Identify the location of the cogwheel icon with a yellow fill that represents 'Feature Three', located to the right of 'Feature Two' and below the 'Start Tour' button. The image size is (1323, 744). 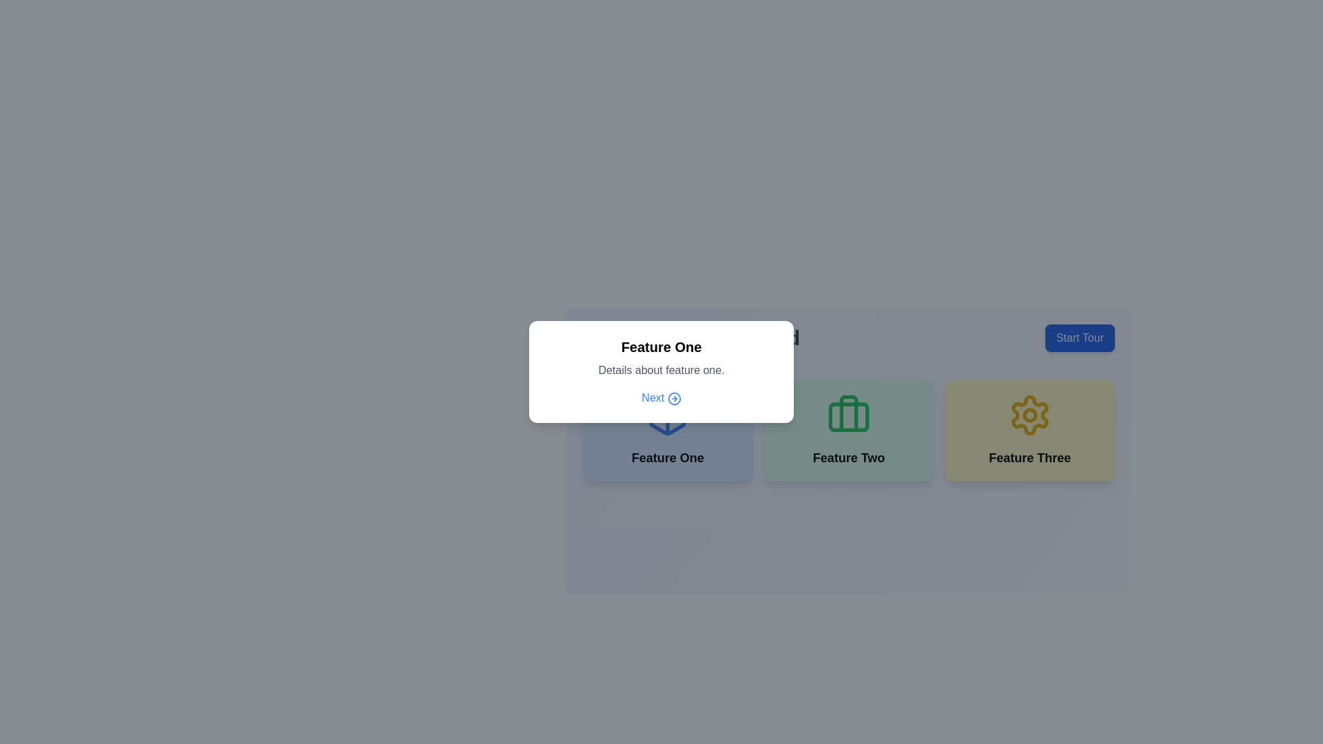
(1029, 414).